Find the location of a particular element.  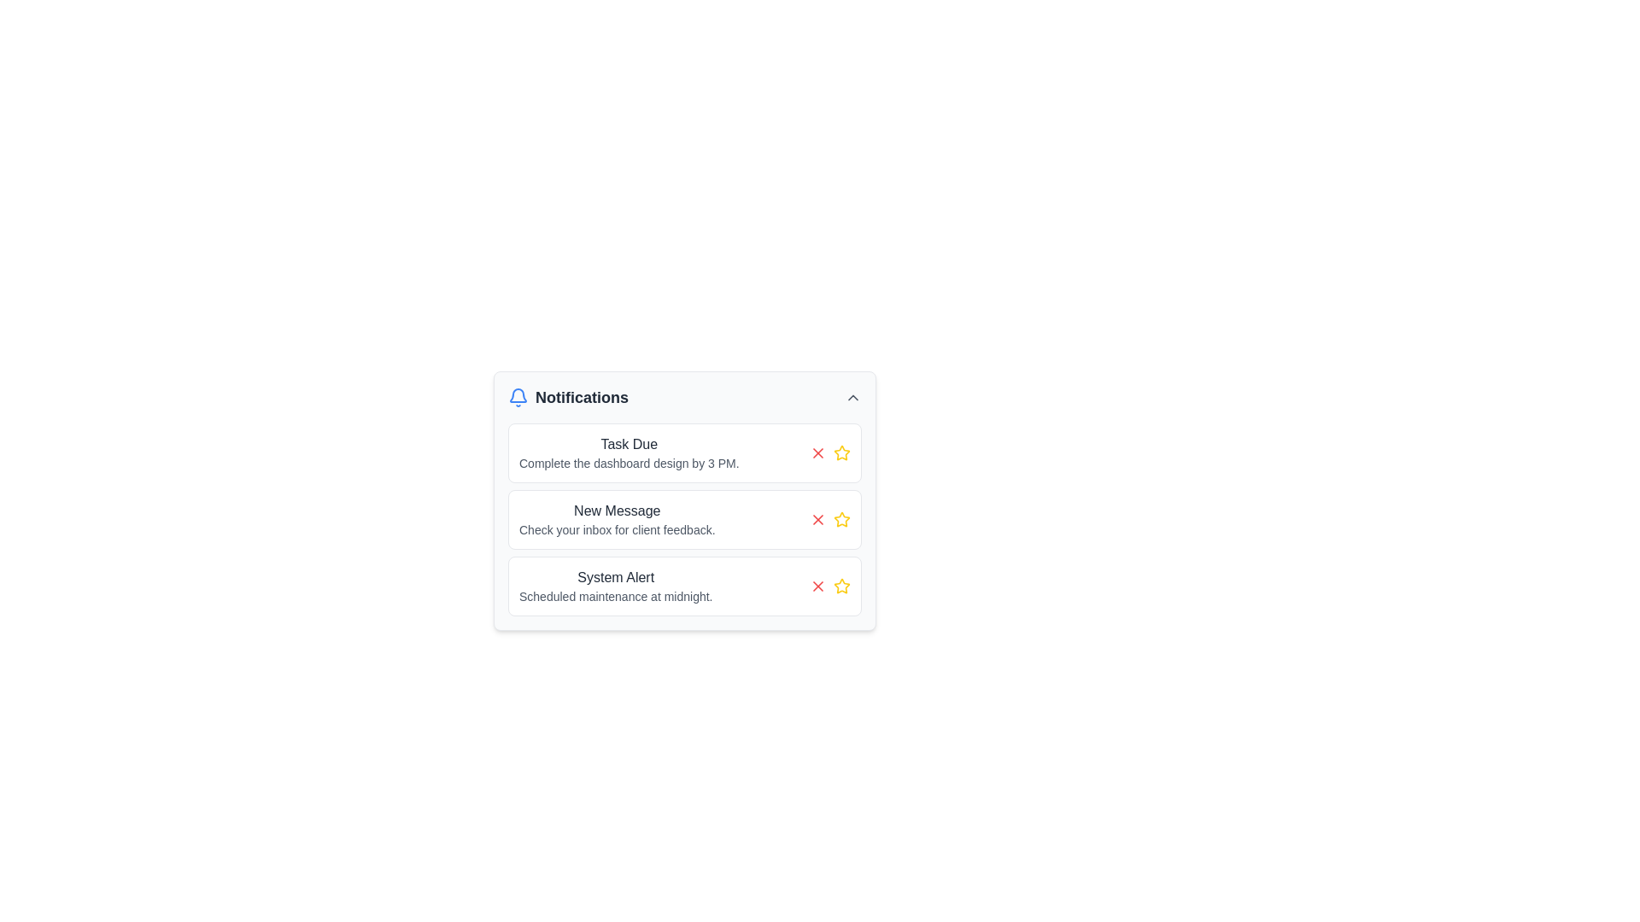

text label 'Notifications' that is displayed prominently in bold dark gray font within the header section of the notification panel, located at the coordinates provided is located at coordinates (582, 398).